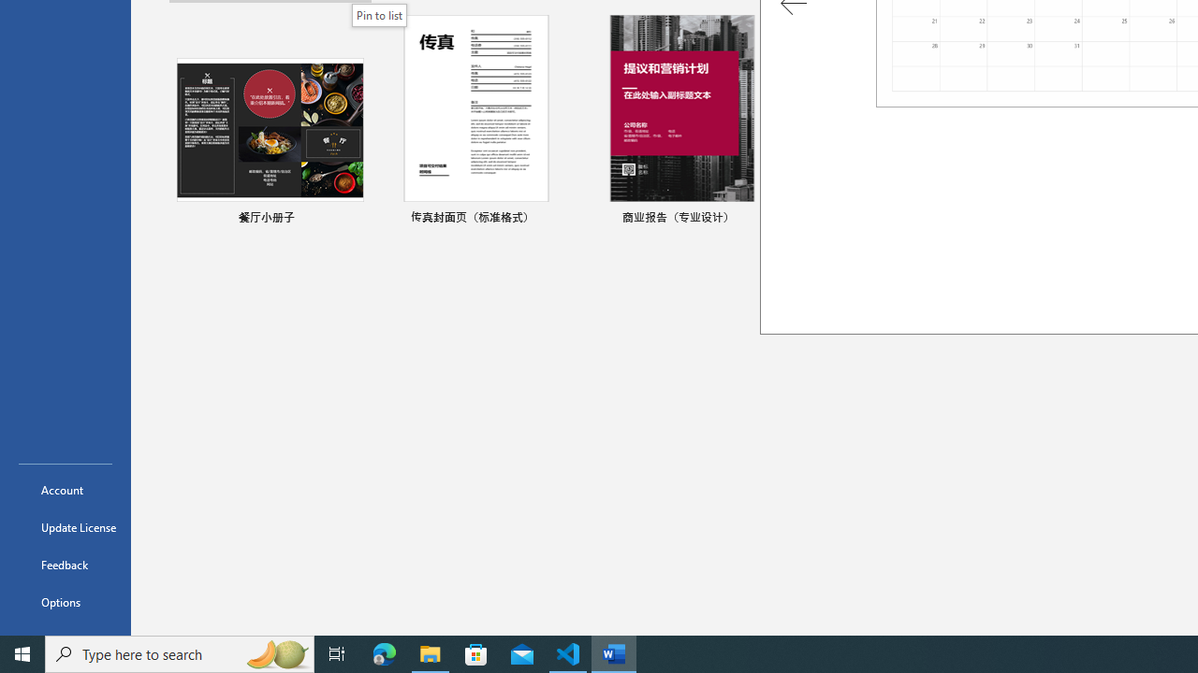 This screenshot has height=673, width=1198. I want to click on 'Pin to list', so click(378, 15).